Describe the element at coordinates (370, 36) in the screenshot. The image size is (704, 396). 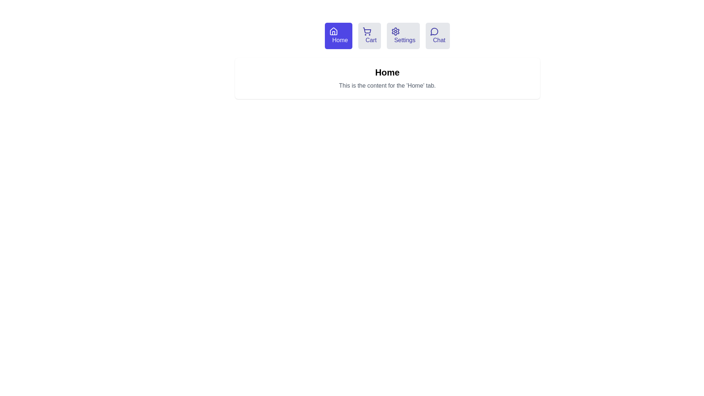
I see `the tab labeled Cart to observe its visual changes` at that location.